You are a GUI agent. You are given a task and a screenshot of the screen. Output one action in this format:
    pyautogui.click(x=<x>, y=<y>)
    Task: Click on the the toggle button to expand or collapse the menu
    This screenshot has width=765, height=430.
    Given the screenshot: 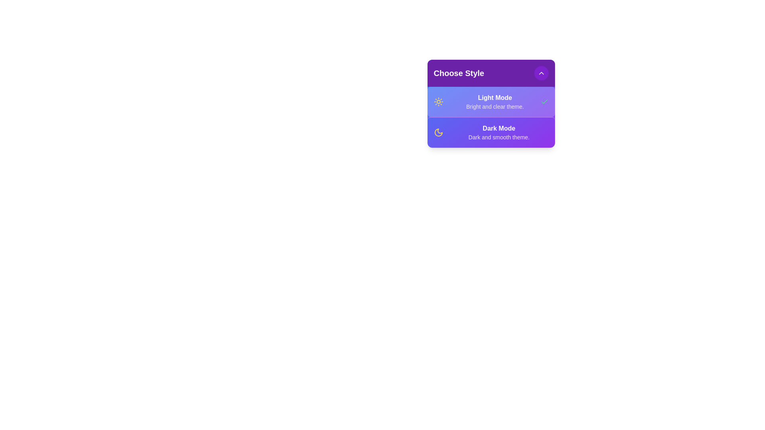 What is the action you would take?
    pyautogui.click(x=541, y=73)
    